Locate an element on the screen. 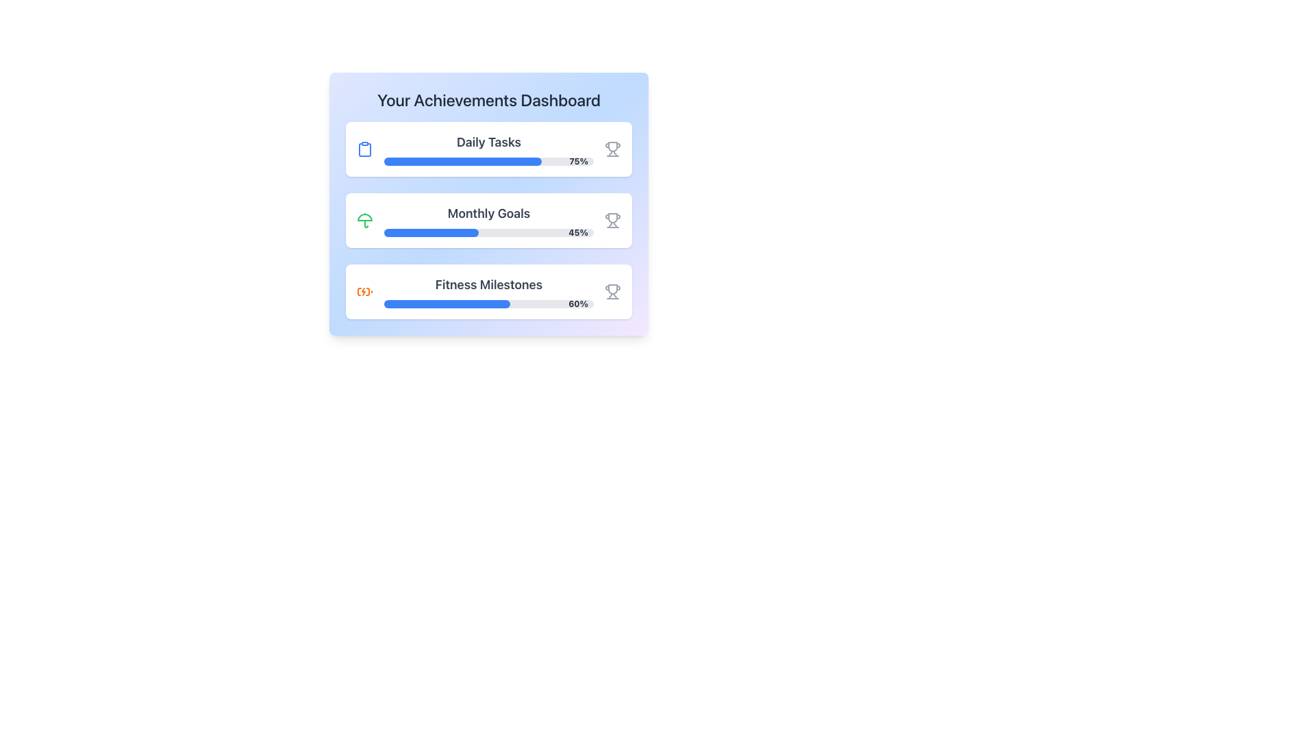 This screenshot has width=1315, height=740. the progress bar area of the 'Your Achievements Dashboard' interface, which visually indicates a completion of 45% is located at coordinates (430, 232).